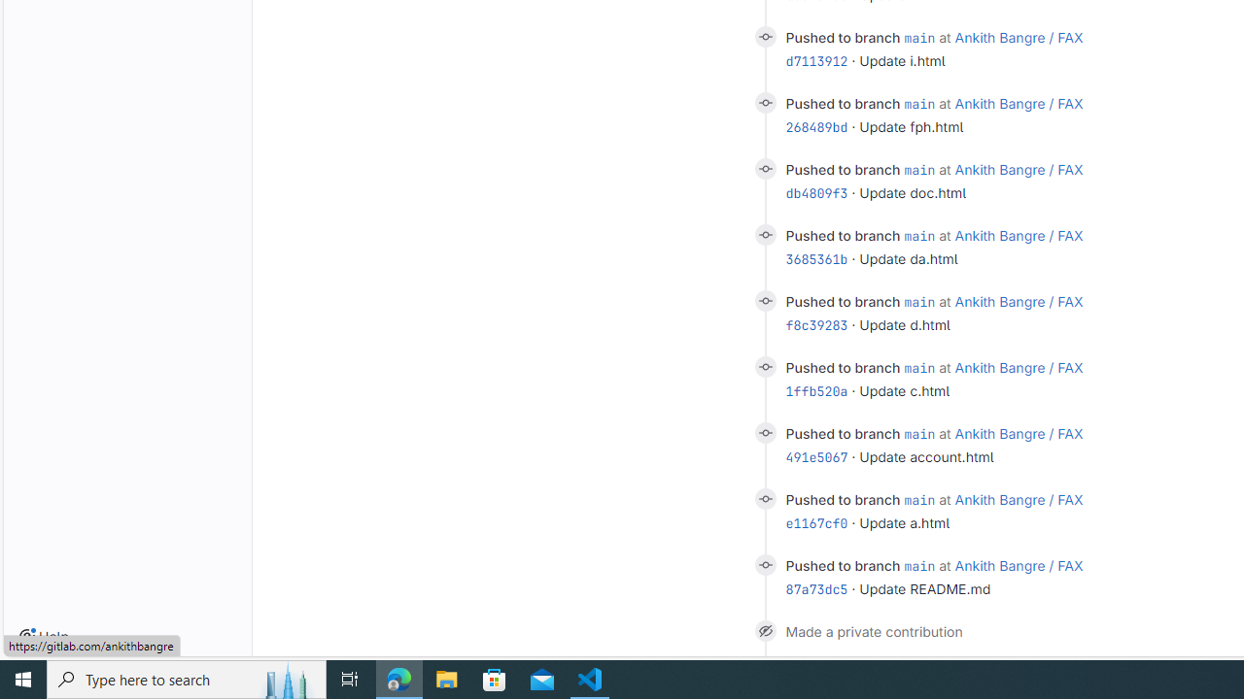  I want to click on '268489bd', so click(816, 126).